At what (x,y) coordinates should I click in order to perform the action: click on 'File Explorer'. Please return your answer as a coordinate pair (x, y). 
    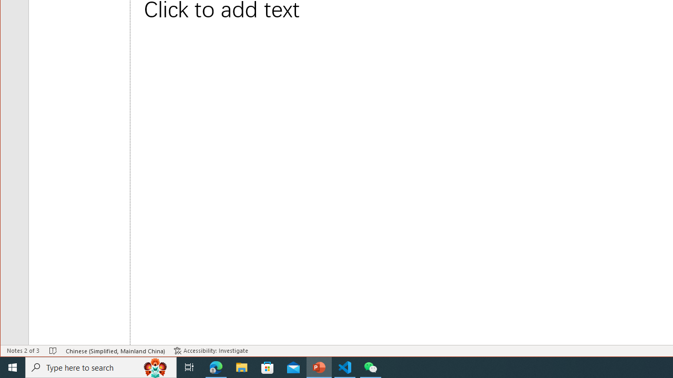
    Looking at the image, I should click on (241, 366).